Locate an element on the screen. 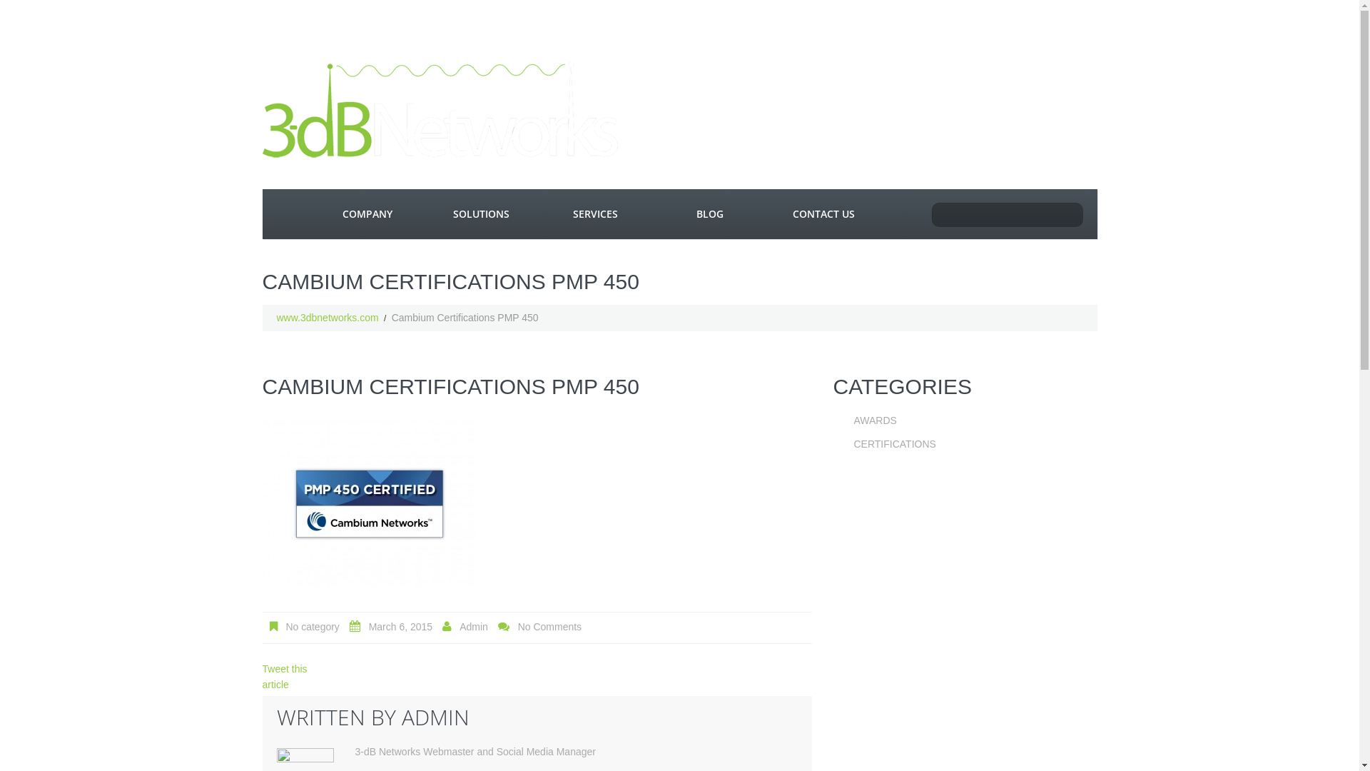 This screenshot has width=1370, height=771. 'Admin' is located at coordinates (473, 626).